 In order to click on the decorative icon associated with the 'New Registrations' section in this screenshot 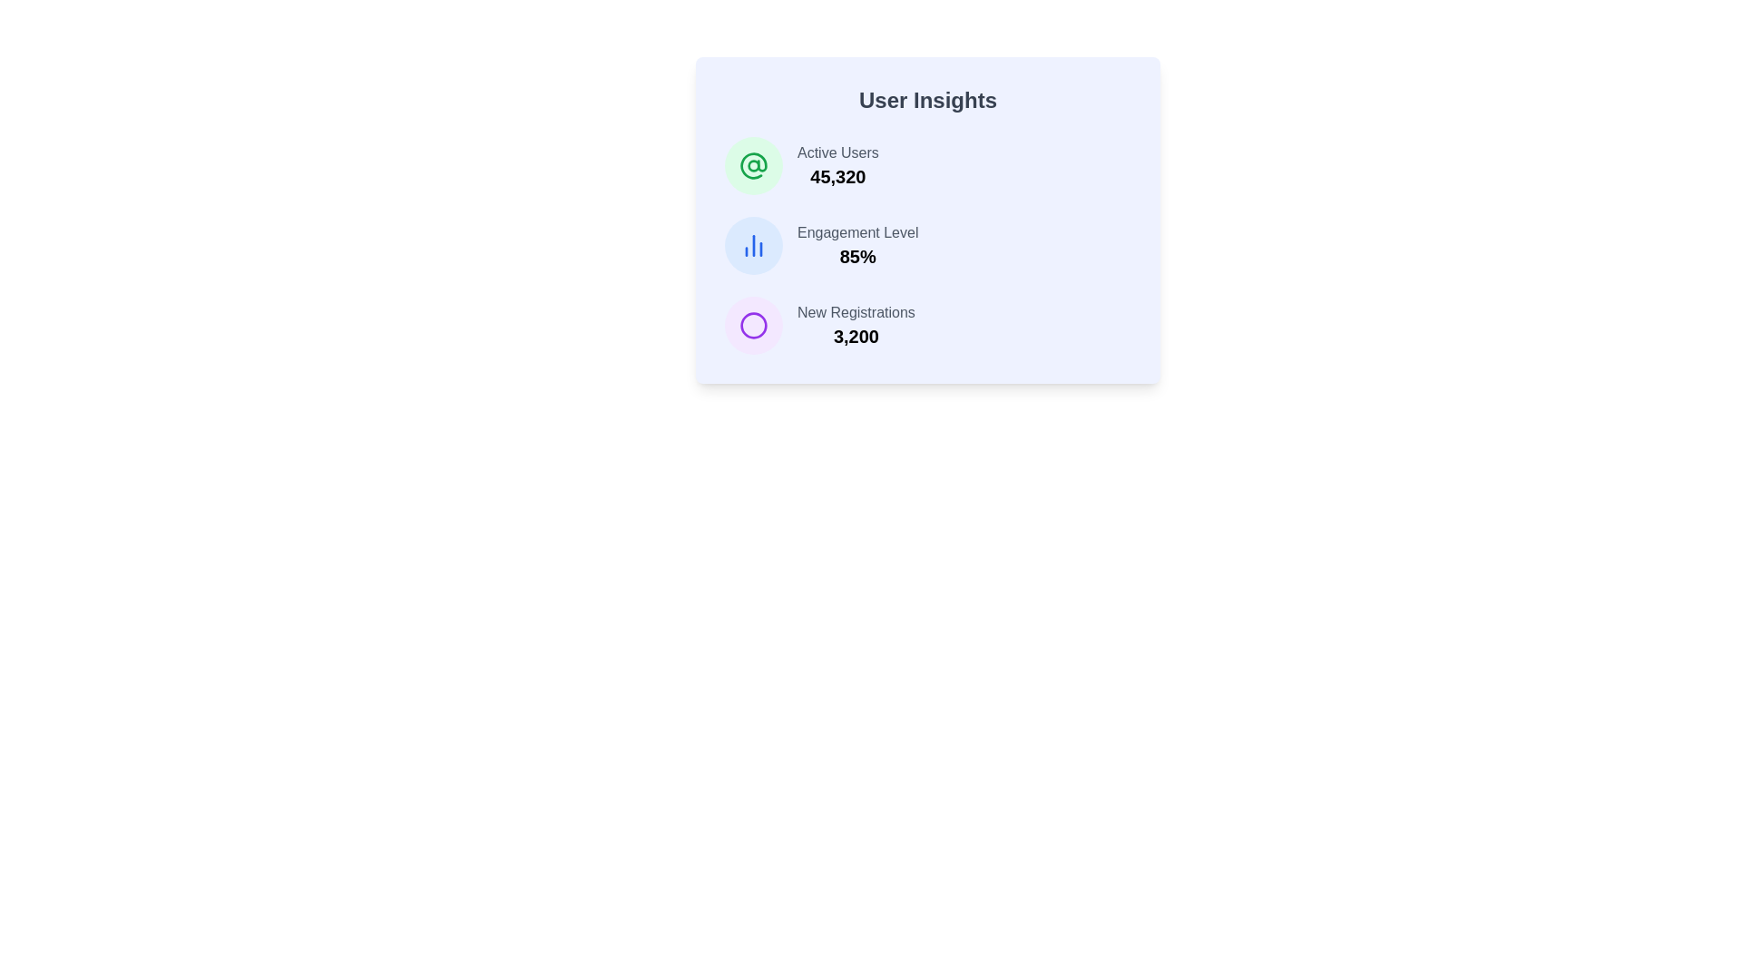, I will do `click(753, 324)`.